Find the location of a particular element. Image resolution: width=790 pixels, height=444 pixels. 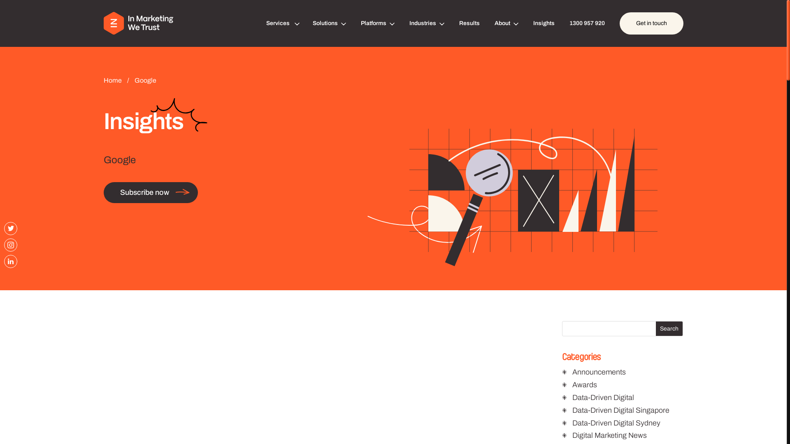

'1300 957 920' is located at coordinates (586, 23).